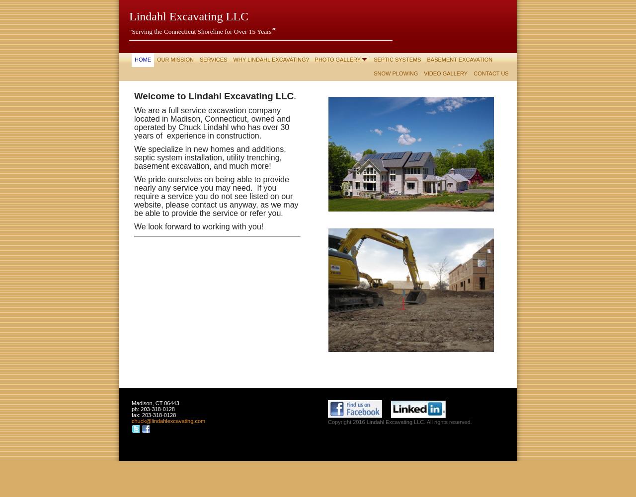 Image resolution: width=636 pixels, height=497 pixels. I want to click on 'chuck', so click(138, 421).